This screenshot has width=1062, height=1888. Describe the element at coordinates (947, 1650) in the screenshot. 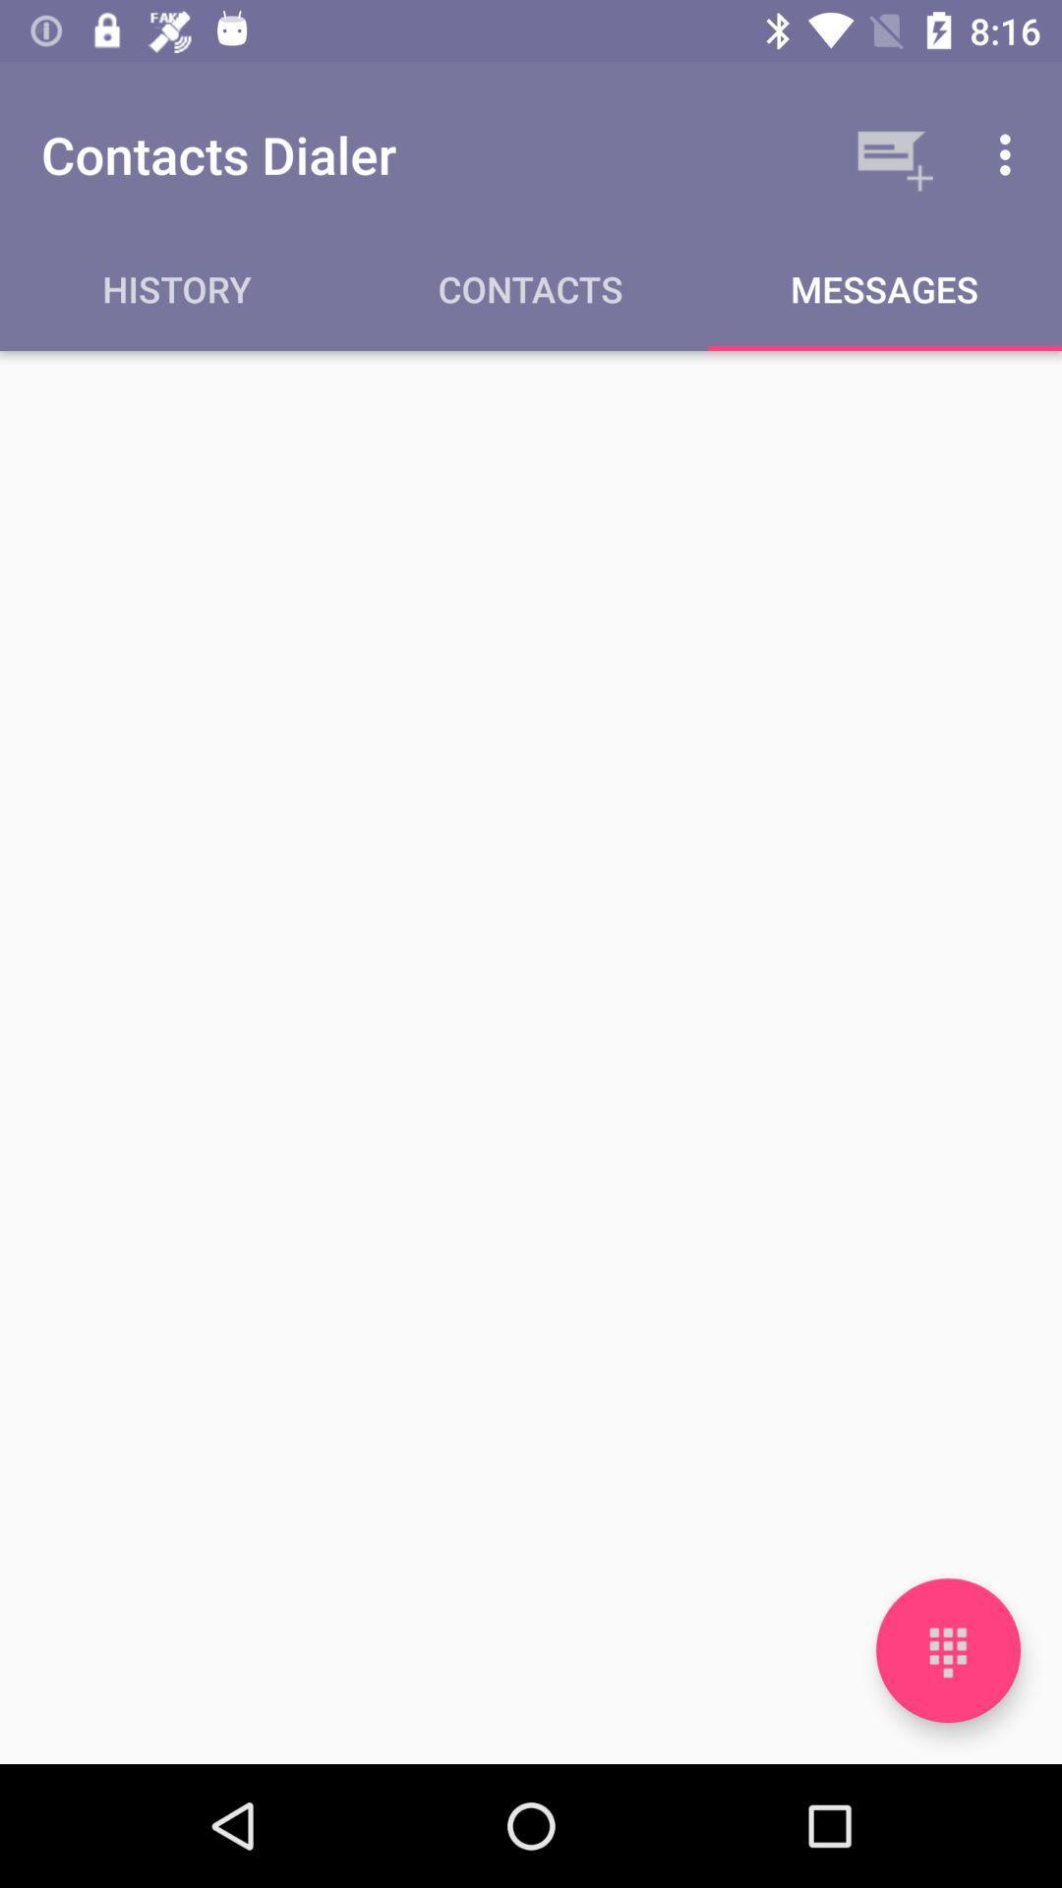

I see `the item at the bottom right corner` at that location.